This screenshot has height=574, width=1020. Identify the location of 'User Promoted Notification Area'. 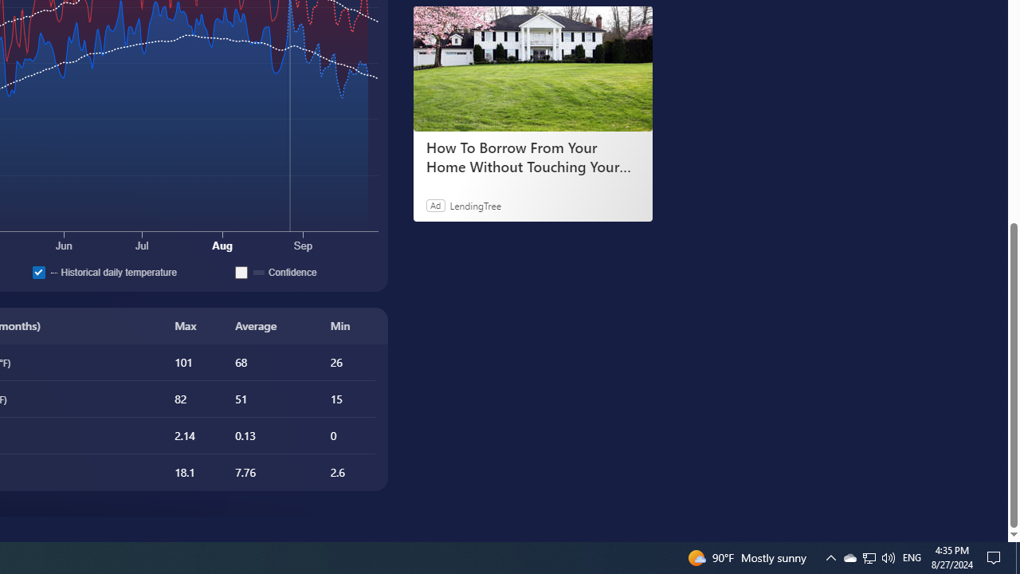
(869, 556).